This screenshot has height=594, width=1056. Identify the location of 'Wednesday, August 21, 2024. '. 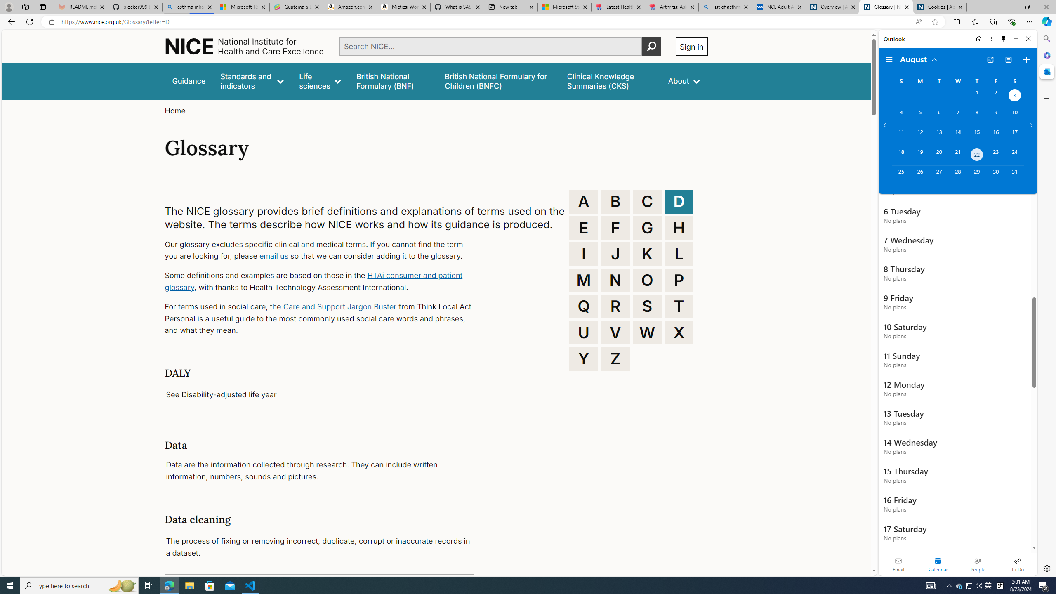
(957, 155).